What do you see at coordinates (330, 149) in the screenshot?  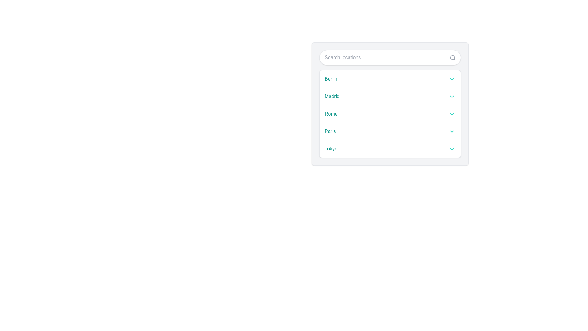 I see `the 'Tokyo' text label which is part of a vertical list and serves as an identifier for selection` at bounding box center [330, 149].